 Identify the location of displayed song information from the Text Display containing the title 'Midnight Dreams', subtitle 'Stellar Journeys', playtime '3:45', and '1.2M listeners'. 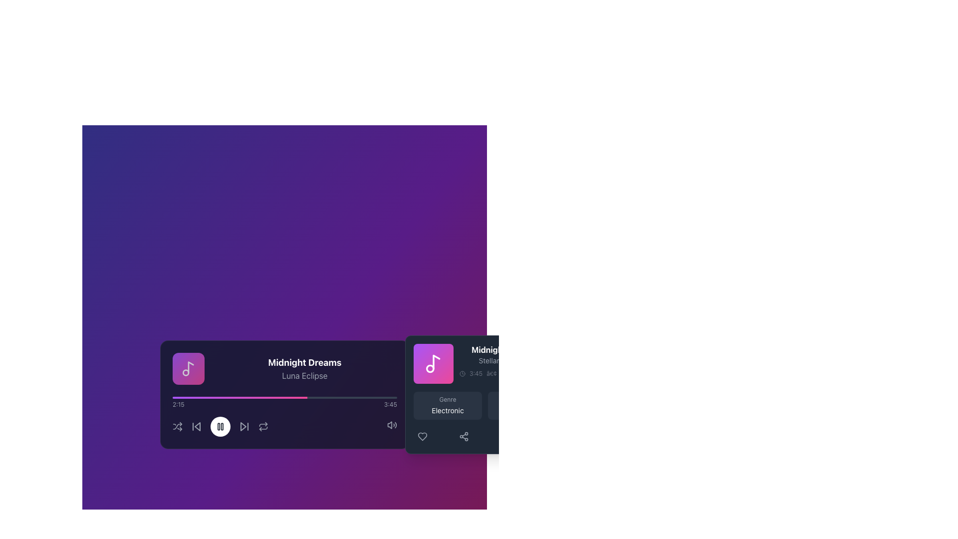
(484, 364).